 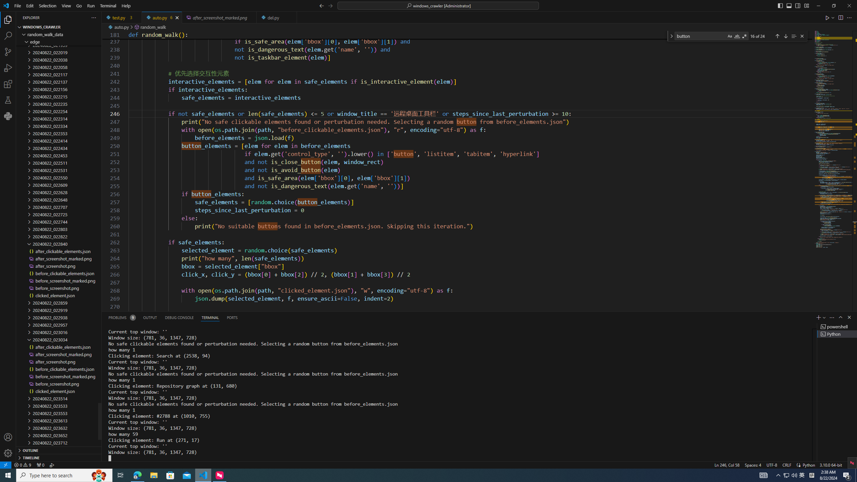 I want to click on 'Extensions (Ctrl+Shift+X)', so click(x=8, y=84).